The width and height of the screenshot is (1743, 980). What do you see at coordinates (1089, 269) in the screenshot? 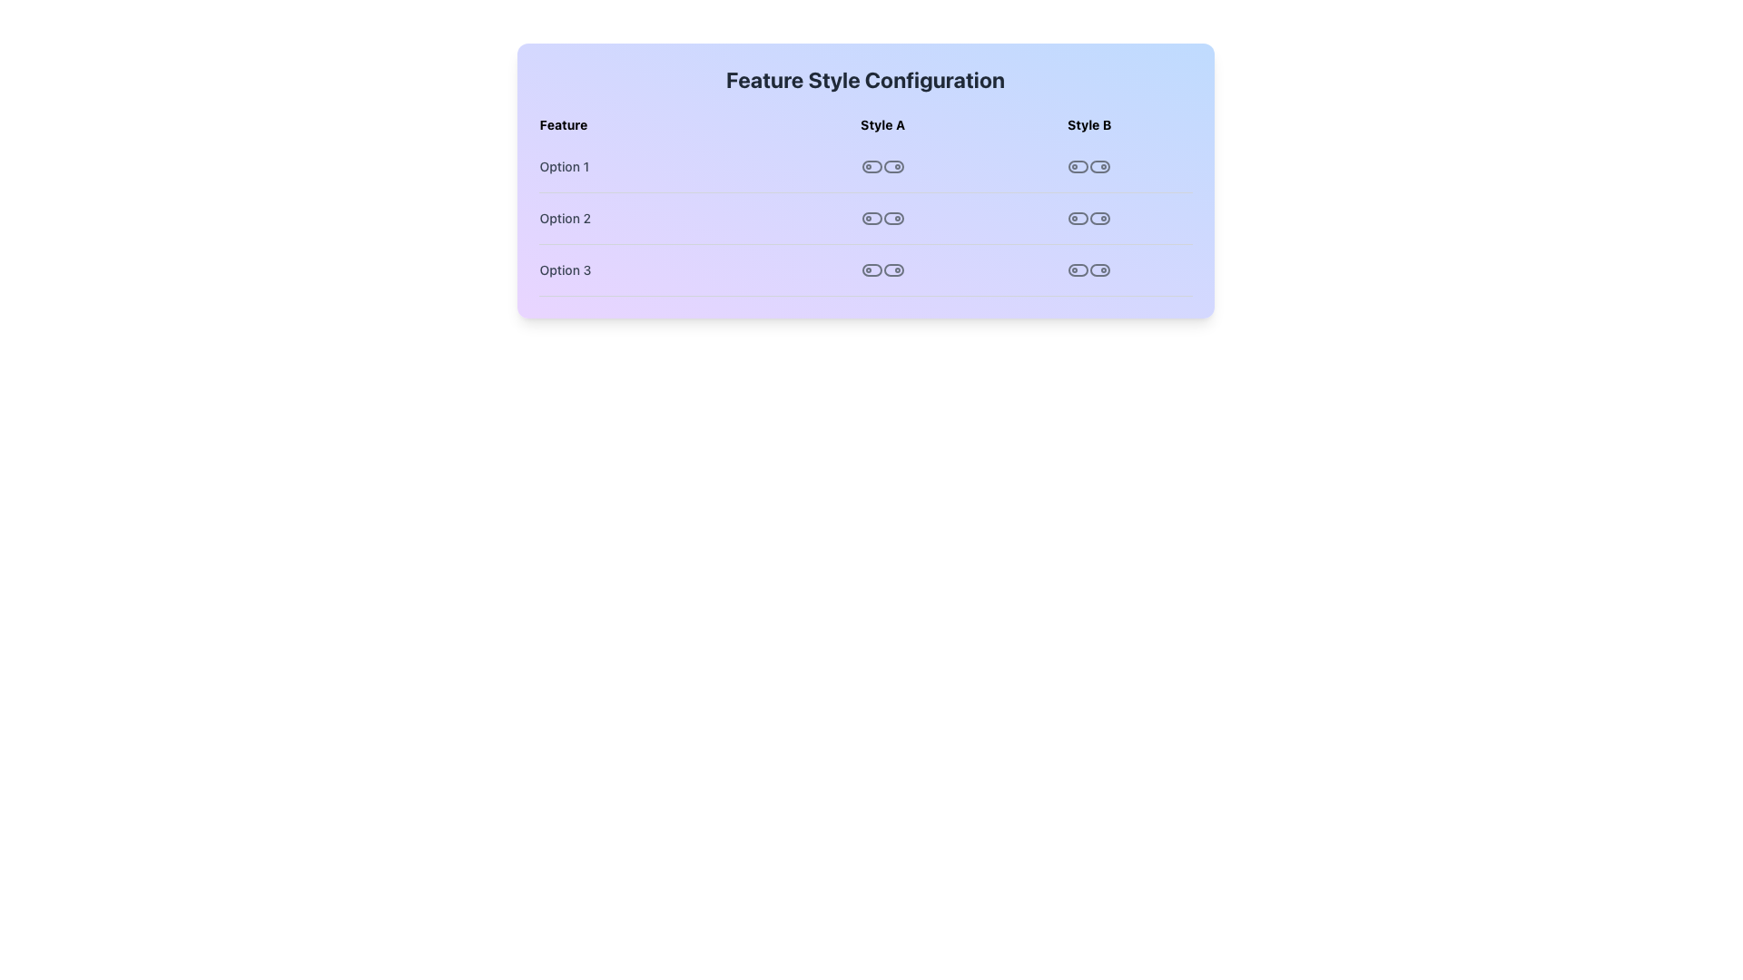
I see `the interconnected toggle for 'Option 3'` at bounding box center [1089, 269].